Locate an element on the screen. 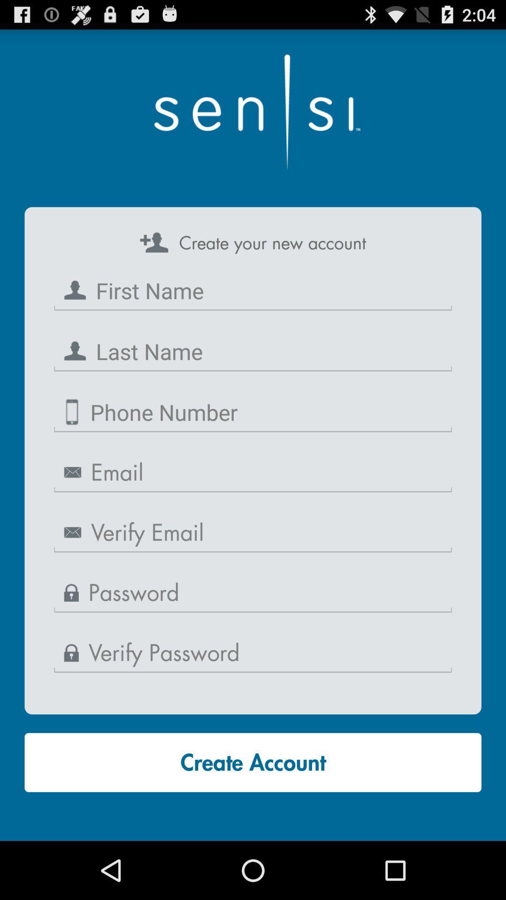  a phone number is located at coordinates (253, 412).